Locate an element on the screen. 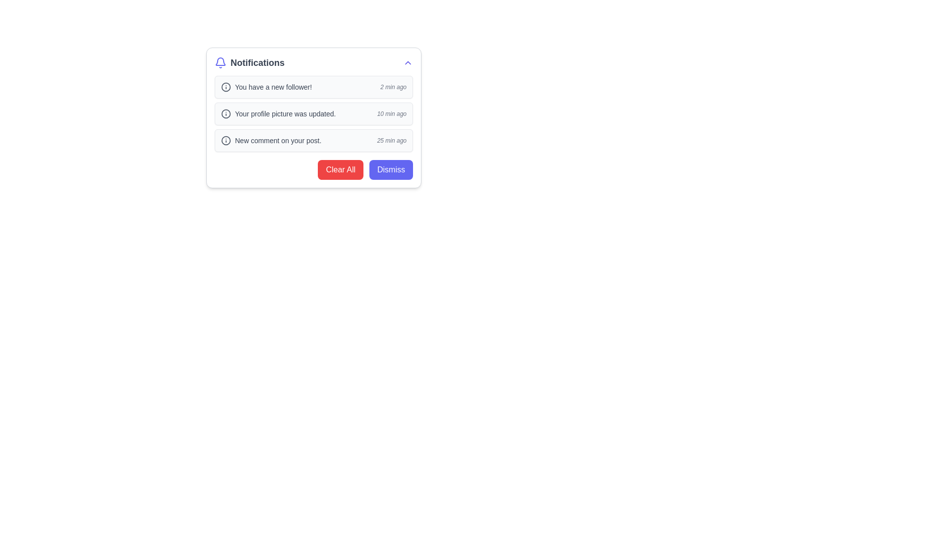 The height and width of the screenshot is (535, 952). the button for clearing all notifications, located at the bottom right of the notification panel is located at coordinates (341, 169).